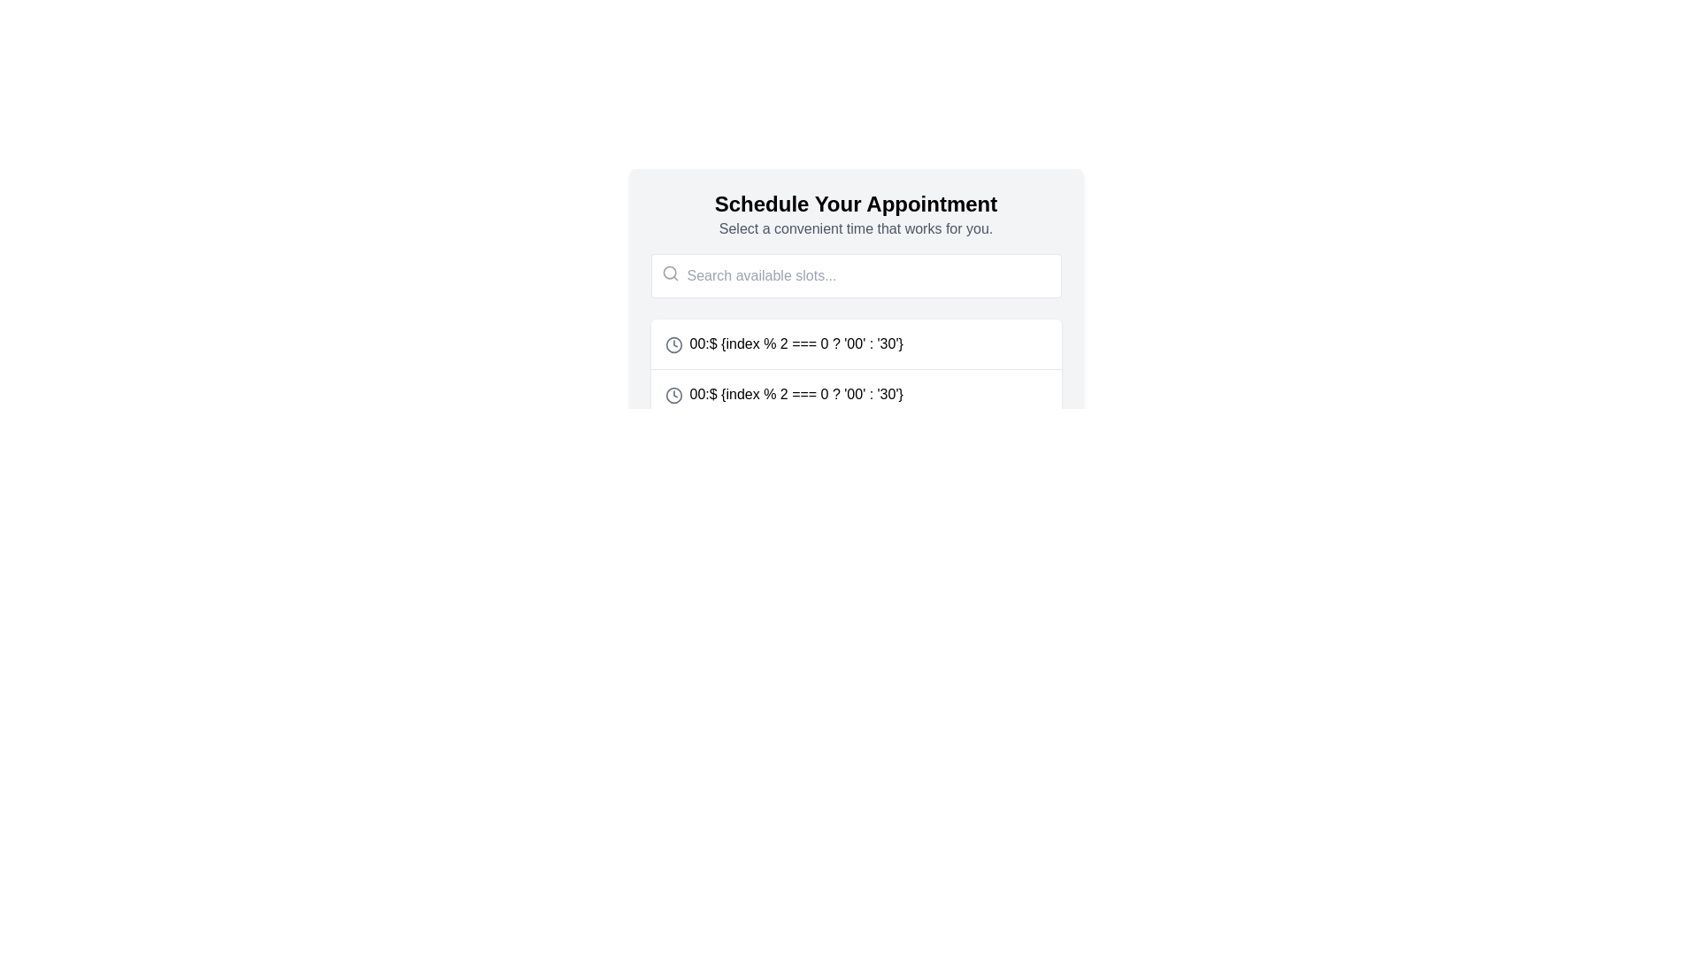  Describe the element at coordinates (668, 273) in the screenshot. I see `the decorative circle of the magnifying glass icon, which represents the search function, located to the left of the 'Search available slots...' input field` at that location.